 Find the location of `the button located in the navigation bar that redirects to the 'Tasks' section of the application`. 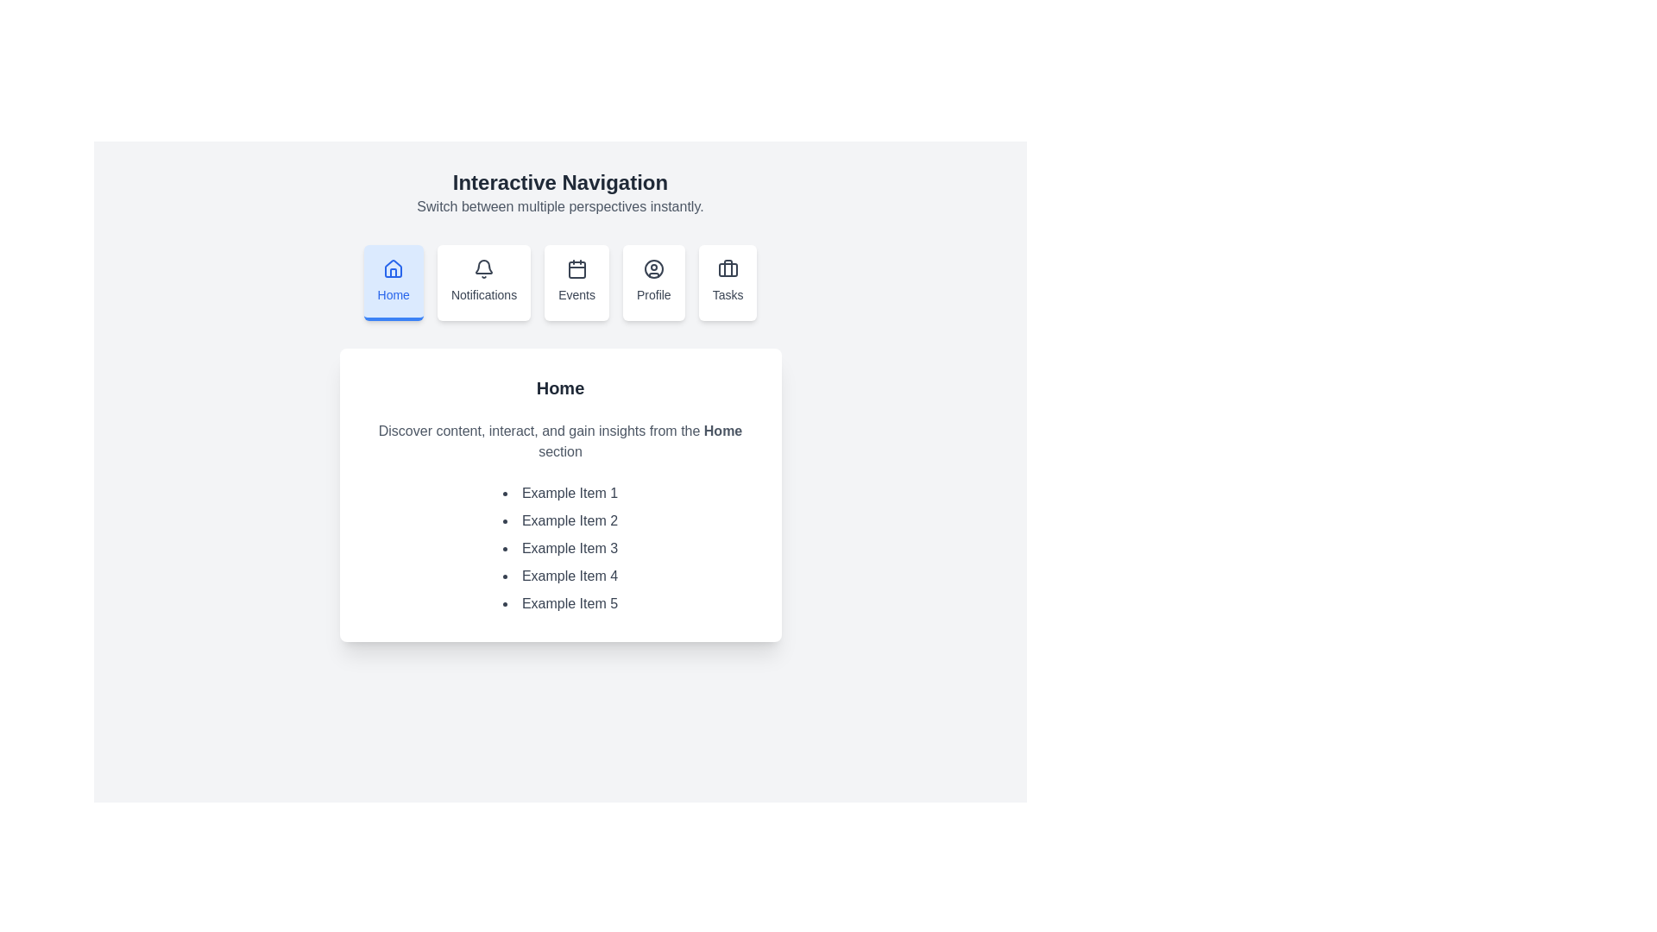

the button located in the navigation bar that redirects to the 'Tasks' section of the application is located at coordinates (728, 281).